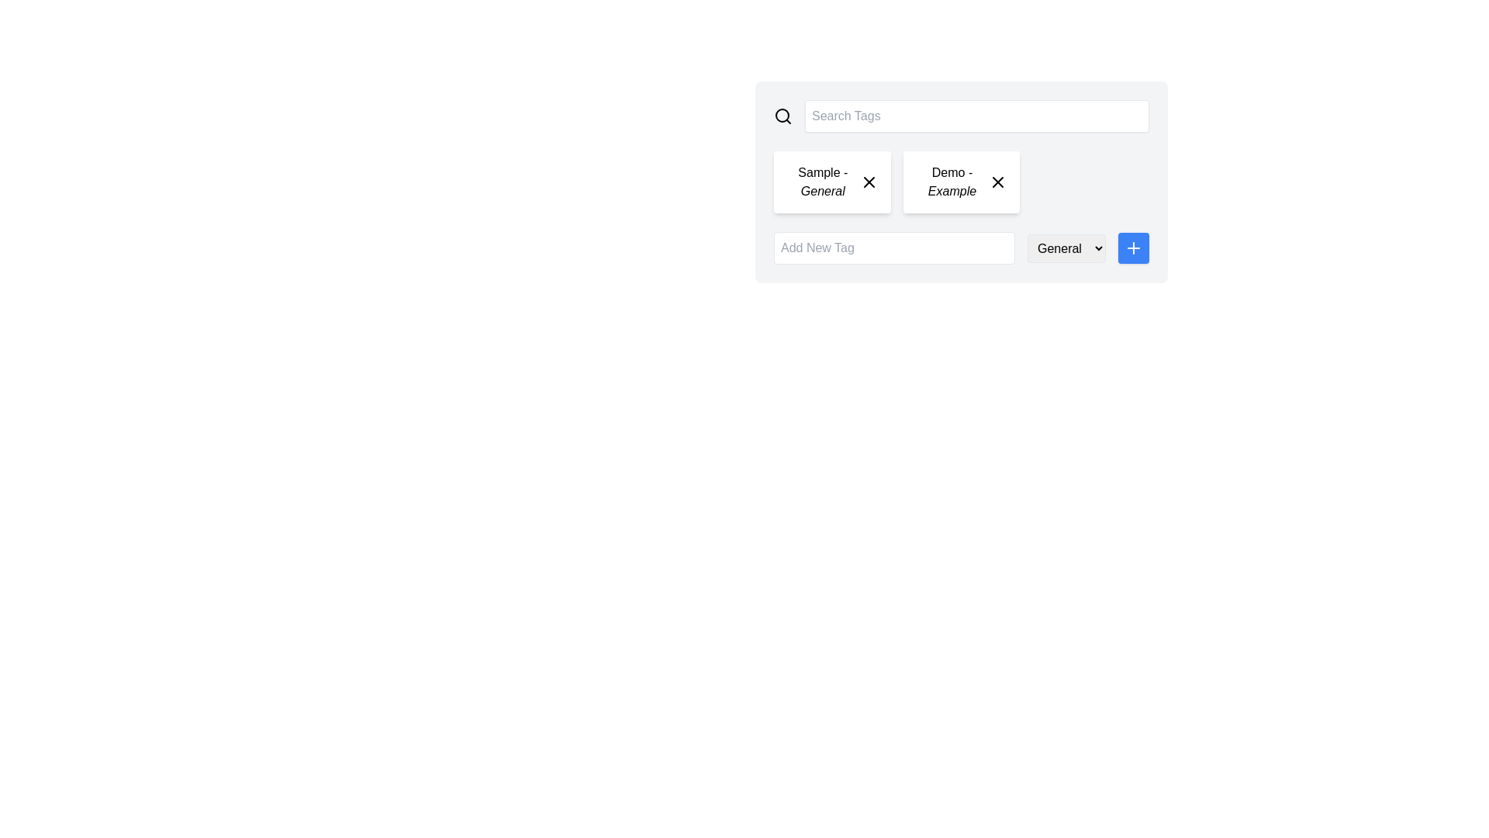 This screenshot has height=838, width=1489. Describe the element at coordinates (869, 182) in the screenshot. I see `the close button represented by a bold black 'X' icon located in the top-right corner of the 'Sample - General' card` at that location.